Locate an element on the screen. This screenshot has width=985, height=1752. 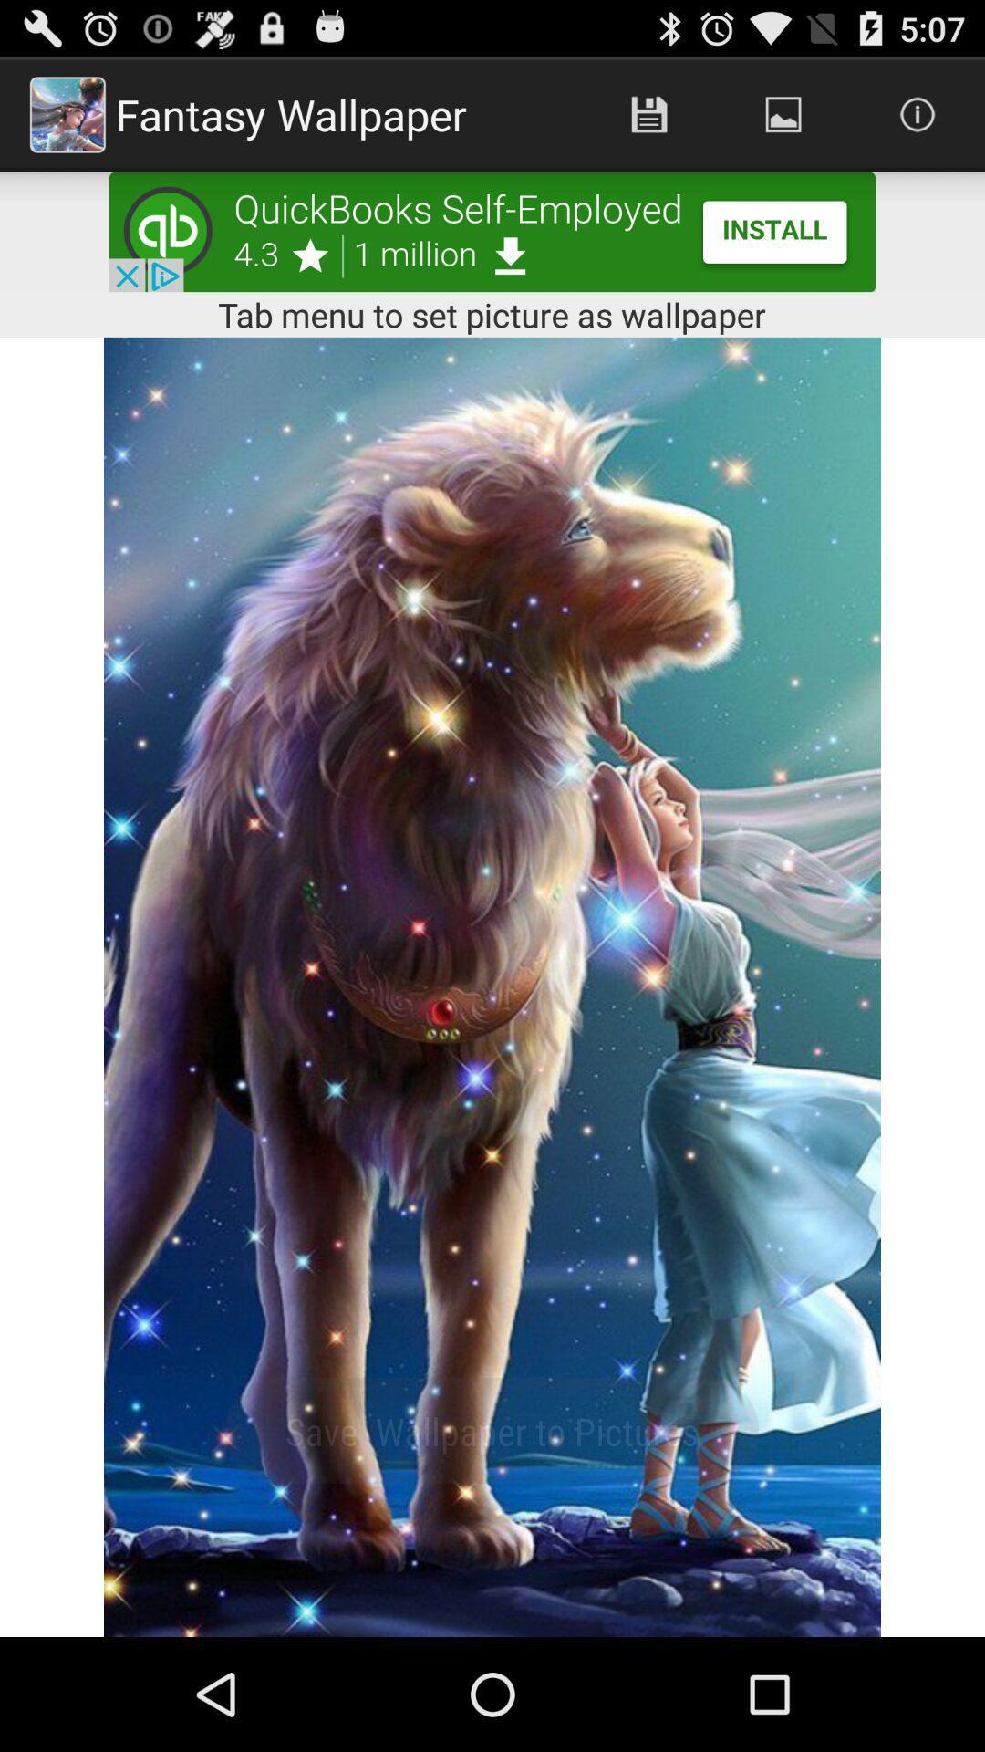
advertisement page is located at coordinates (493, 231).